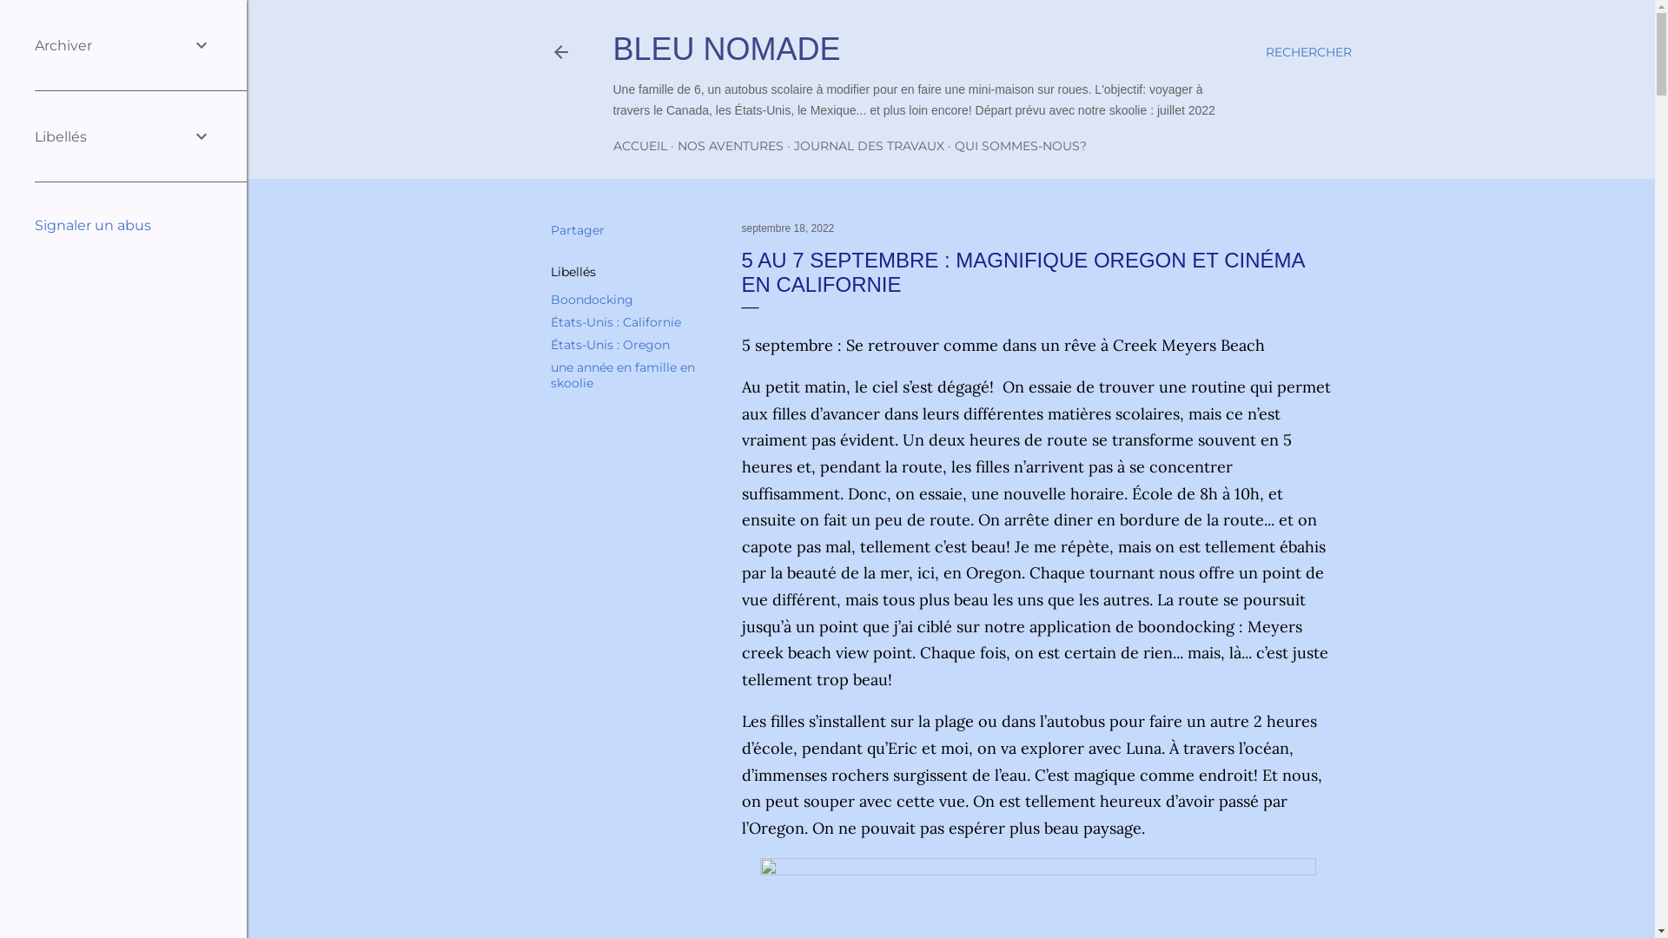  Describe the element at coordinates (726, 48) in the screenshot. I see `'BLEU NOMADE'` at that location.